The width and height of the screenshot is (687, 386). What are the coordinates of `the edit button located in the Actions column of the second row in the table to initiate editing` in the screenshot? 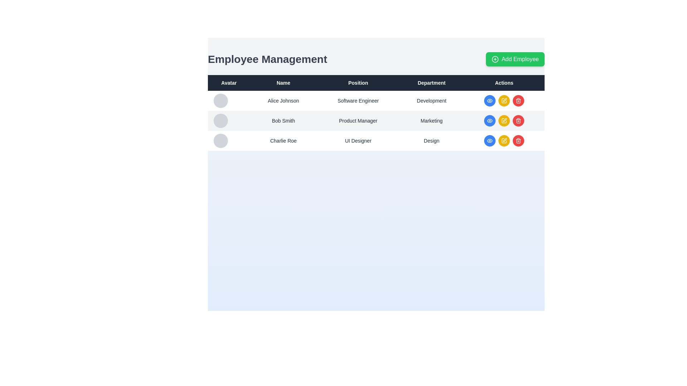 It's located at (504, 120).